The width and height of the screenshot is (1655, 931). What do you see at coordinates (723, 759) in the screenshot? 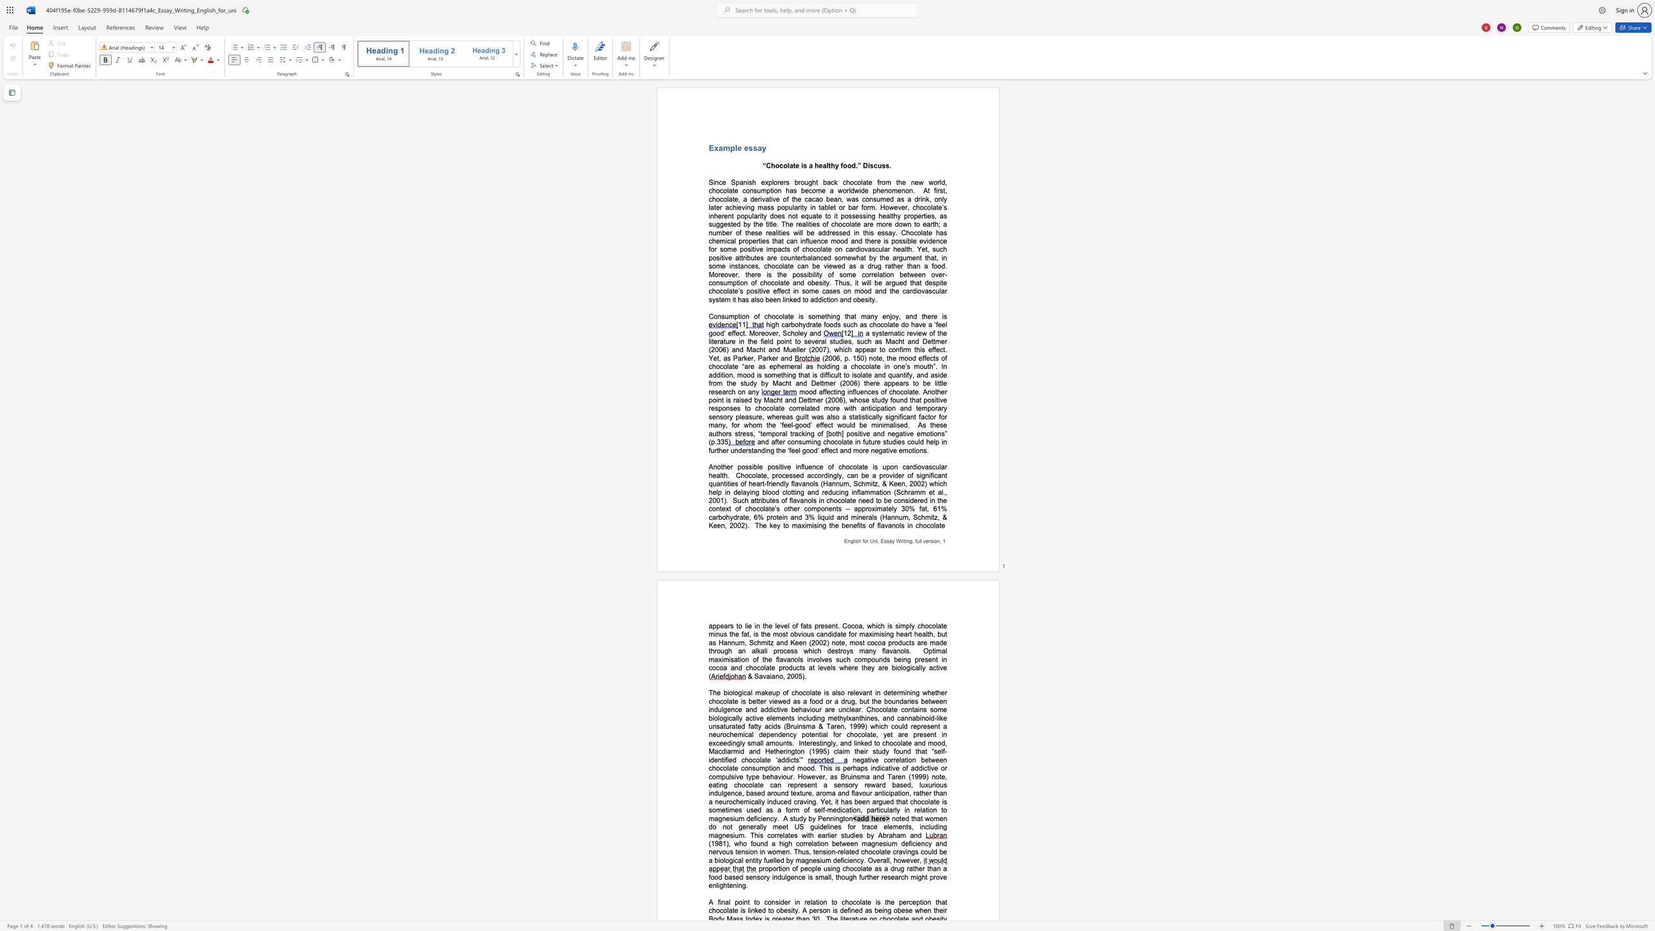
I see `the subset text "ified chocolat" within the text "mood, Macdiarmid and Hetherington (1995) claim their study found that “self-identified chocolate ‘addicts’”"` at bounding box center [723, 759].